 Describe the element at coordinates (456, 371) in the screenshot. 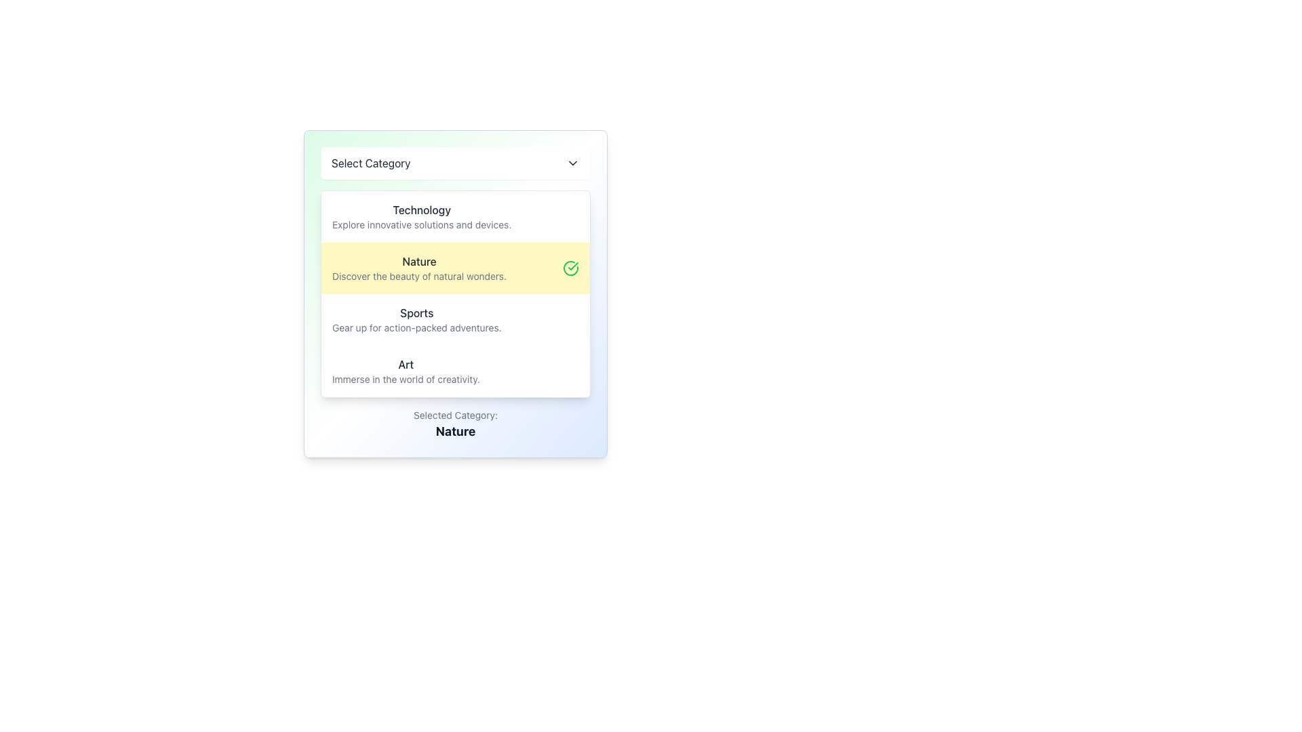

I see `the fourth item in the vertically arranged list of sections related to 'Art'` at that location.